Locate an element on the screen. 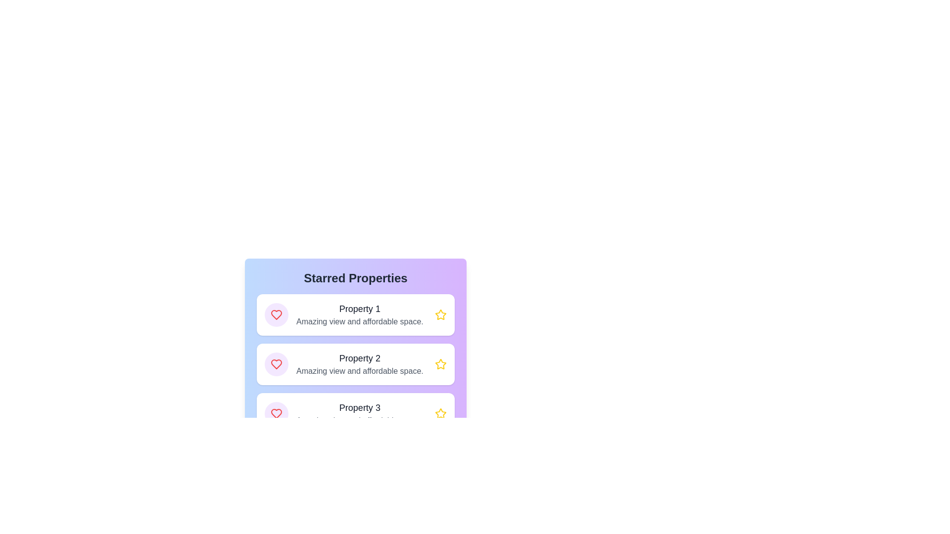  the star-shaped icon button at the right end of 'Property 3' in the 'Starred Properties' section is located at coordinates (440, 413).